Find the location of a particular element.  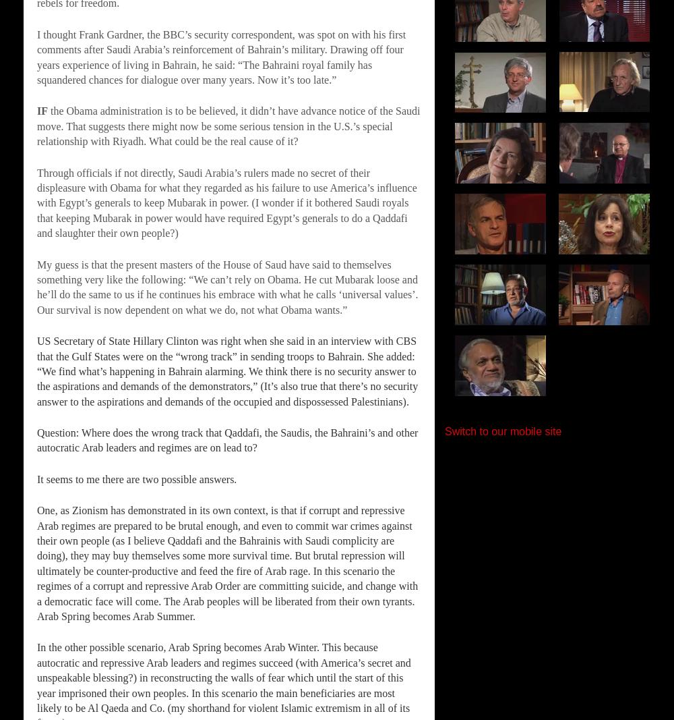

'Switch to our mobile site' is located at coordinates (502, 431).